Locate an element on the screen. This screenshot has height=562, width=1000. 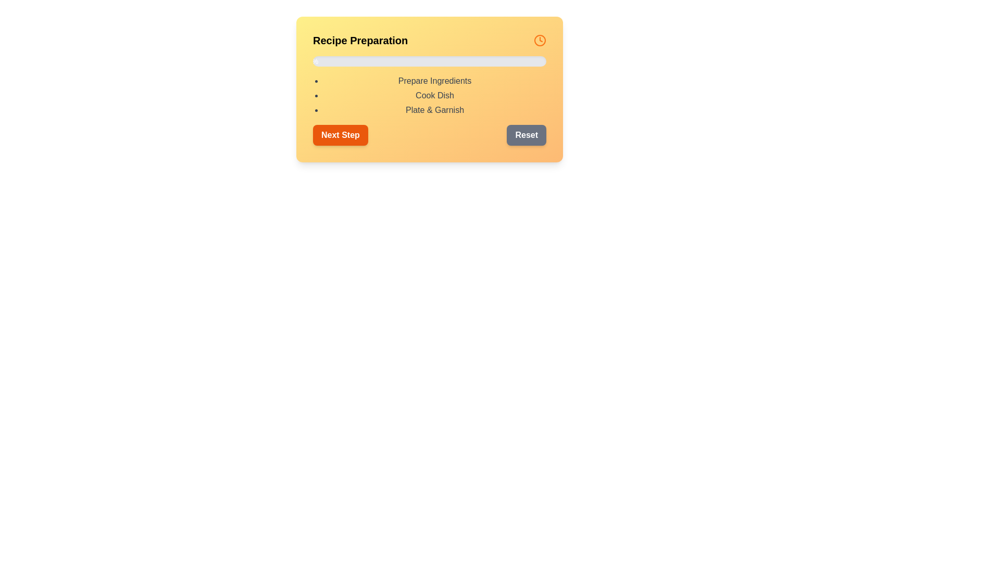
the 'Reset' button, which has a gray background and white text, located at the bottom-right corner of a yellow card component is located at coordinates (527, 134).